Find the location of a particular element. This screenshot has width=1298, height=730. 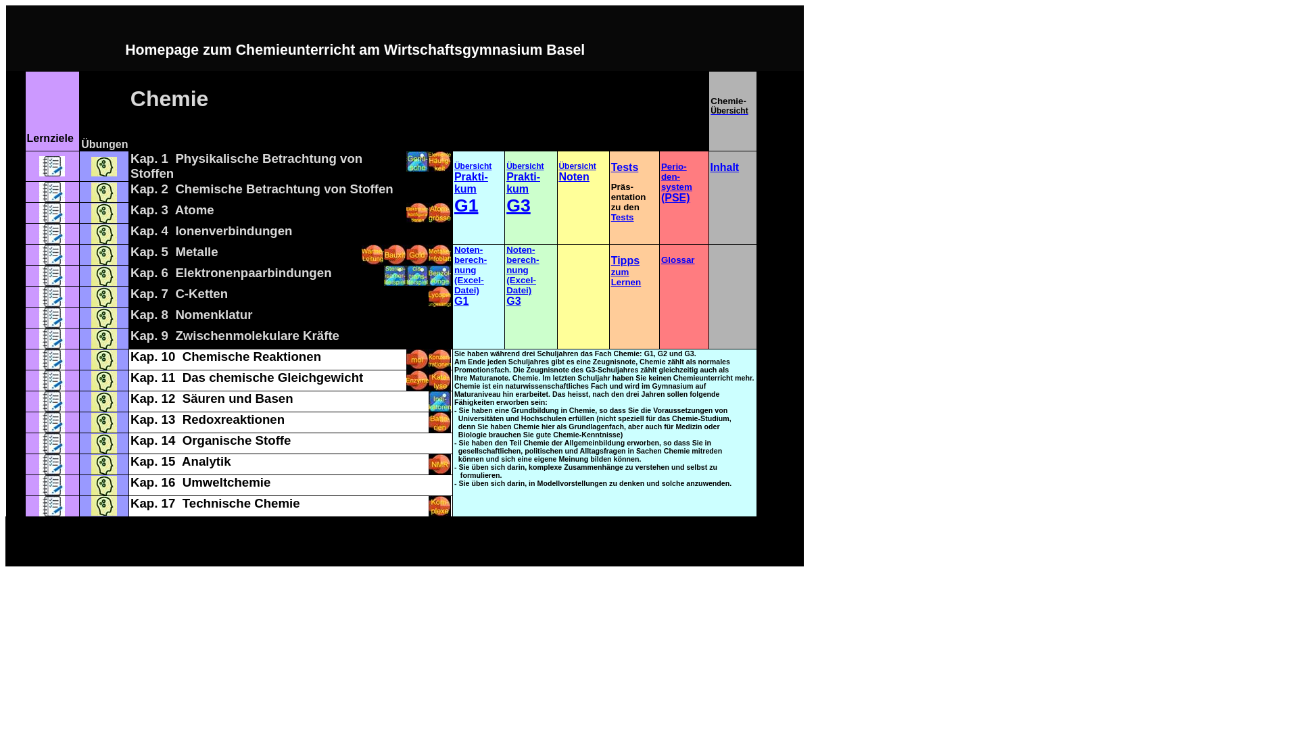

'kum' is located at coordinates (516, 189).